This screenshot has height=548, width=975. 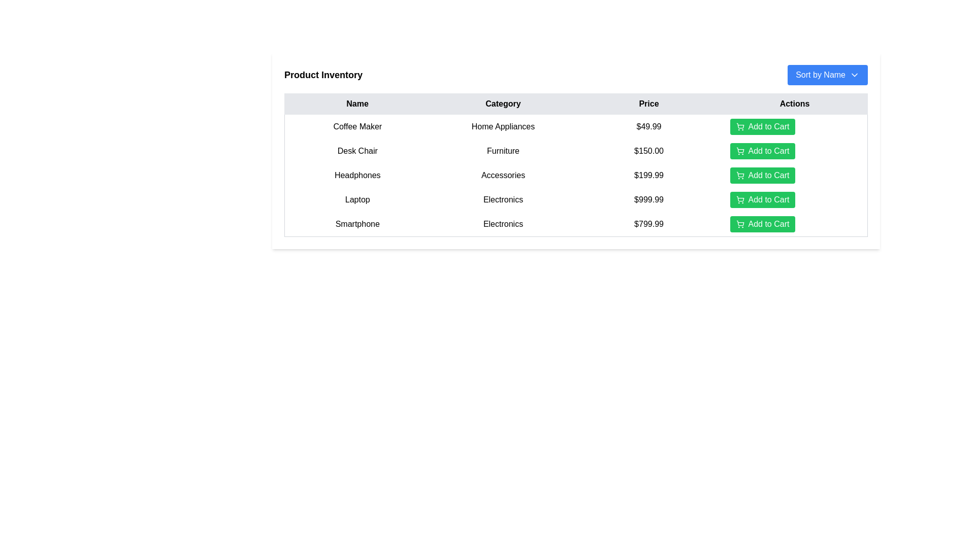 What do you see at coordinates (357, 224) in the screenshot?
I see `the static text element that serves as a label or identifier for a product in the leftmost column of the fifth row of the table` at bounding box center [357, 224].